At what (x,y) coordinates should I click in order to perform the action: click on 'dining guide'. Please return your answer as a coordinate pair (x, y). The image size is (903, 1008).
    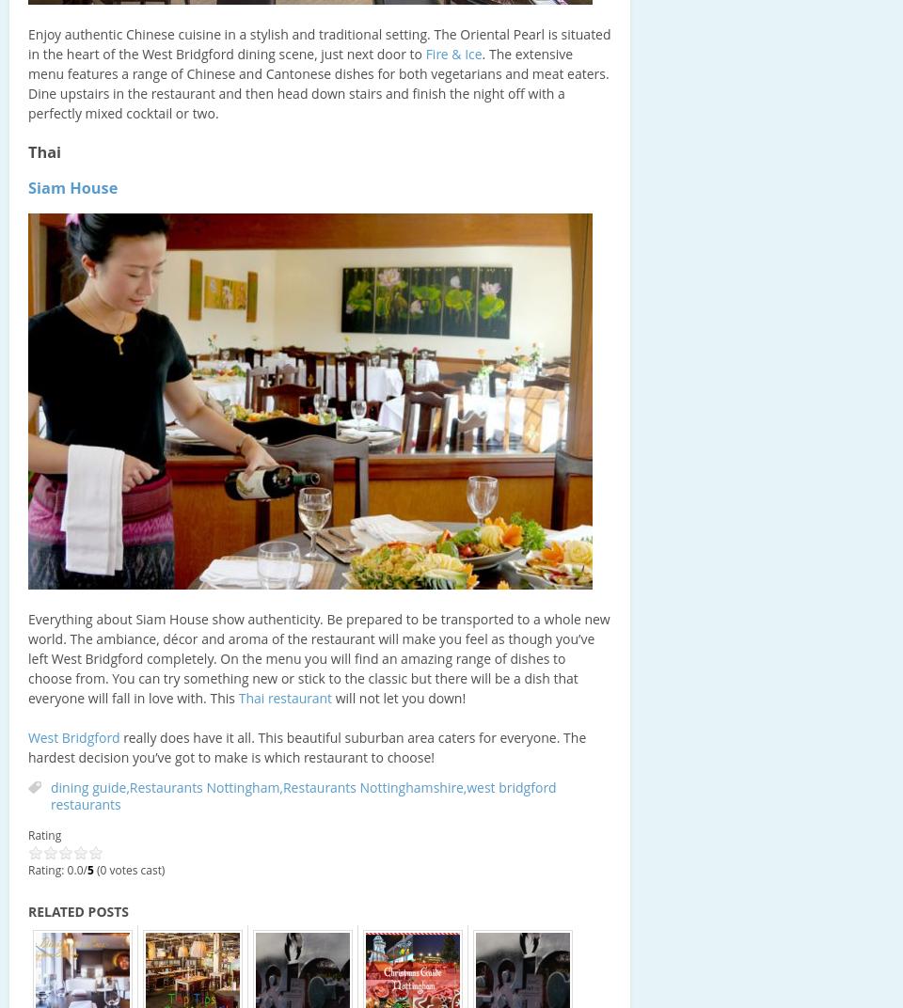
    Looking at the image, I should click on (87, 786).